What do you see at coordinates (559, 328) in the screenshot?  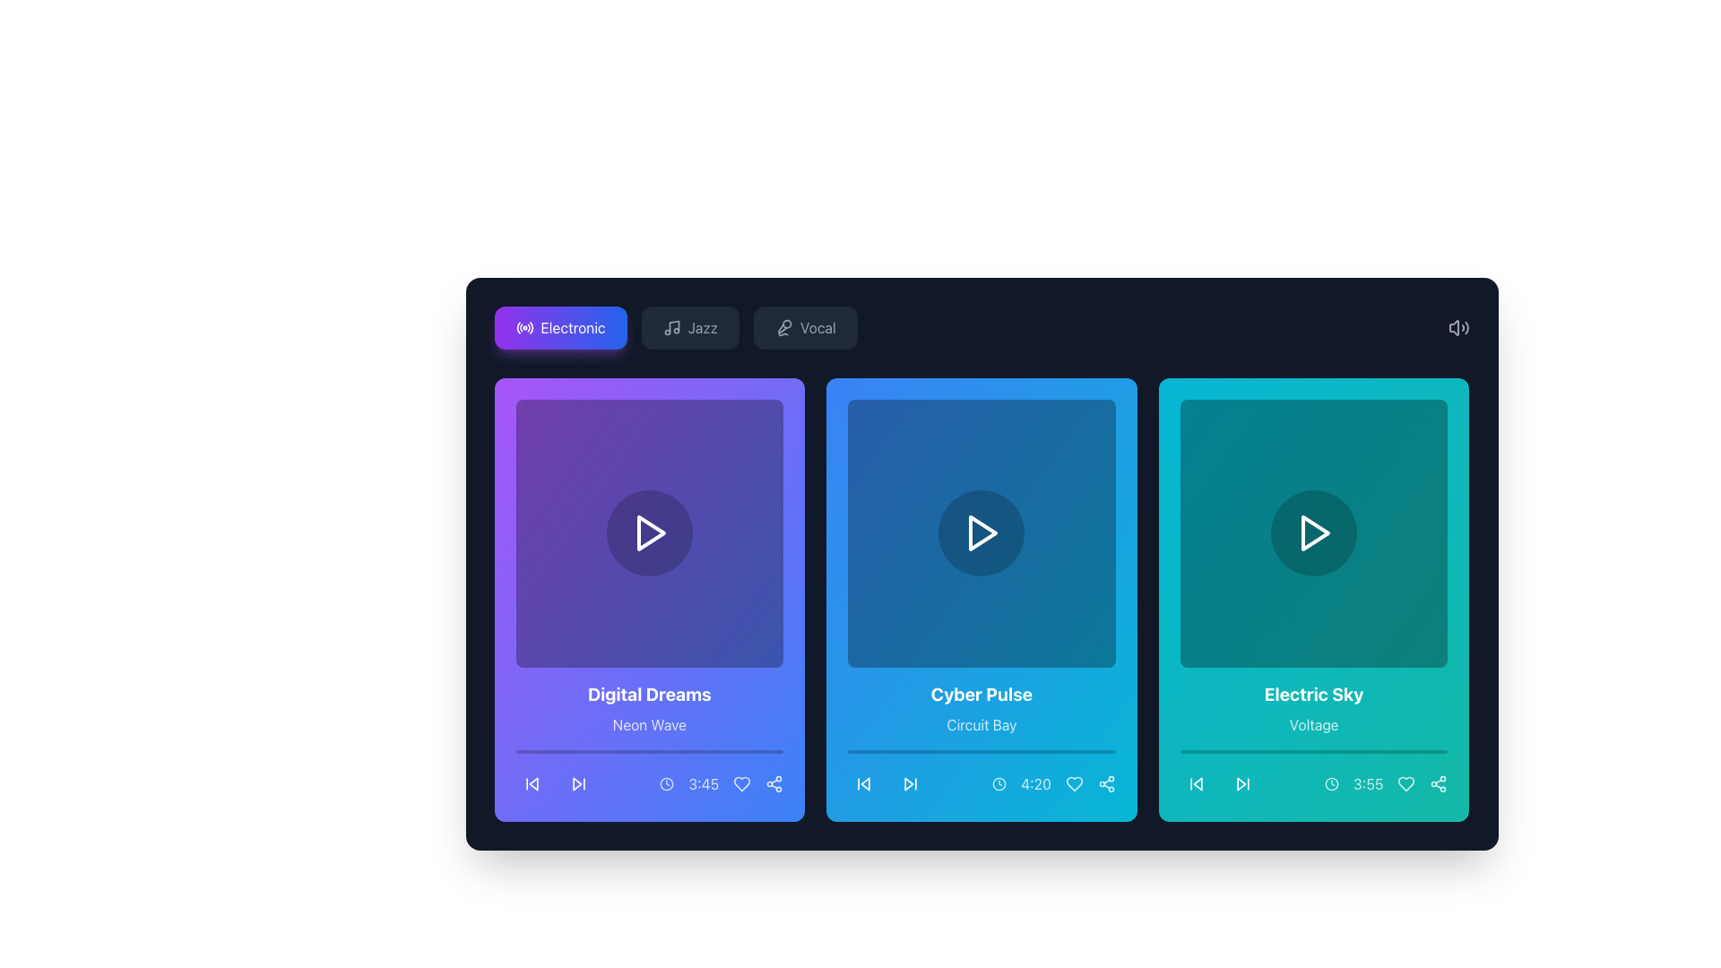 I see `the 'Electronic' button, which is a rectangular button with a gradient background from purple to blue, containing a radio signal icon and the label 'Electronic' in white bold text, located at the top left of the genre options list` at bounding box center [559, 328].